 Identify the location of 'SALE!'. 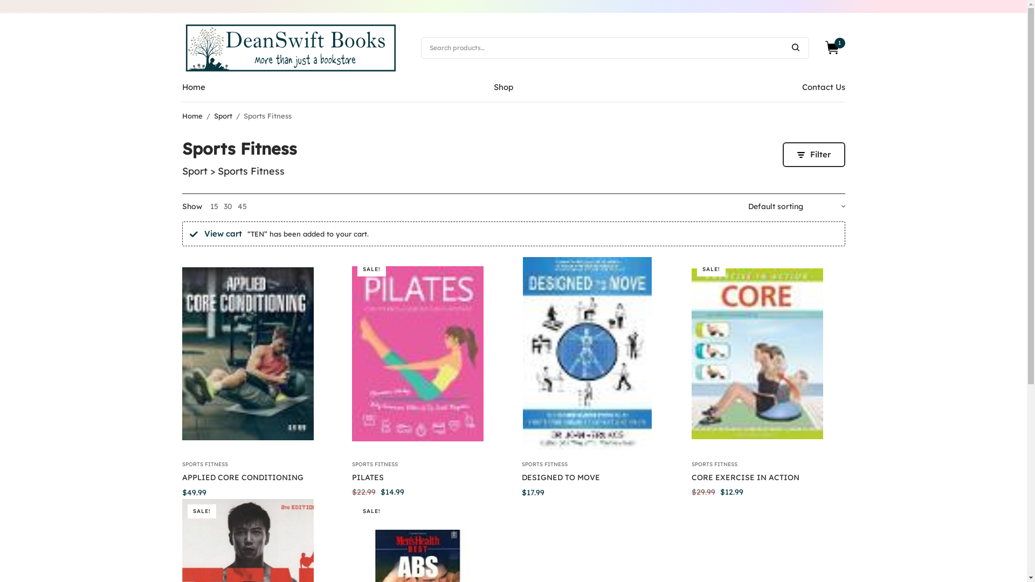
(767, 353).